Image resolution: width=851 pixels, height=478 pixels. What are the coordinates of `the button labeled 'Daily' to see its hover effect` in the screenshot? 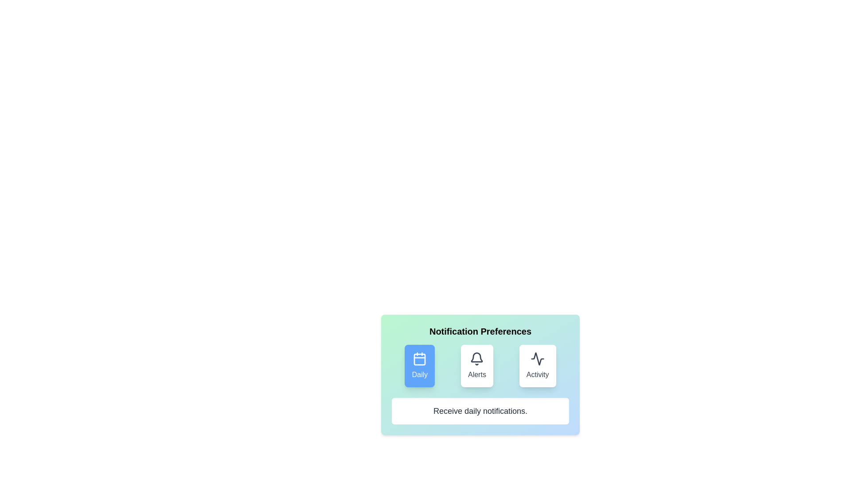 It's located at (419, 366).